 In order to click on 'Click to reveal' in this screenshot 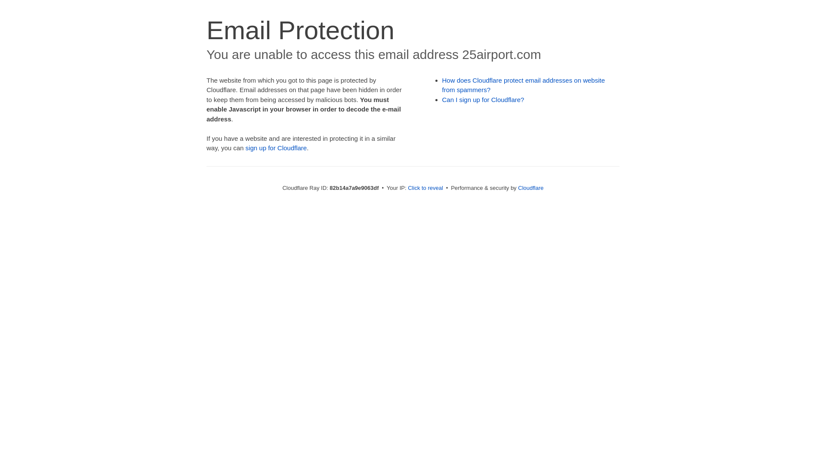, I will do `click(407, 187)`.